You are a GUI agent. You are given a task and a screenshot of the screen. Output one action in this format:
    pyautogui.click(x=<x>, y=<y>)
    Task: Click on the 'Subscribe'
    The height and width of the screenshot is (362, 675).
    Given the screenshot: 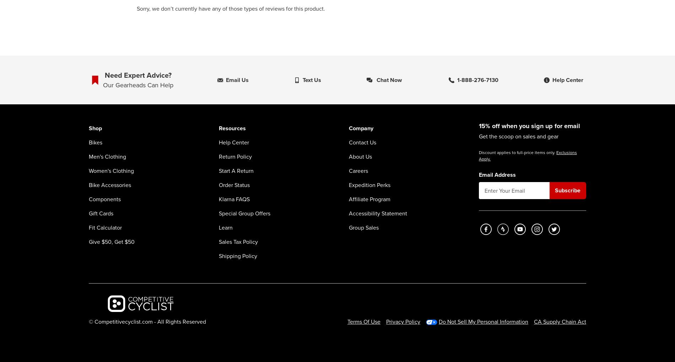 What is the action you would take?
    pyautogui.click(x=568, y=190)
    